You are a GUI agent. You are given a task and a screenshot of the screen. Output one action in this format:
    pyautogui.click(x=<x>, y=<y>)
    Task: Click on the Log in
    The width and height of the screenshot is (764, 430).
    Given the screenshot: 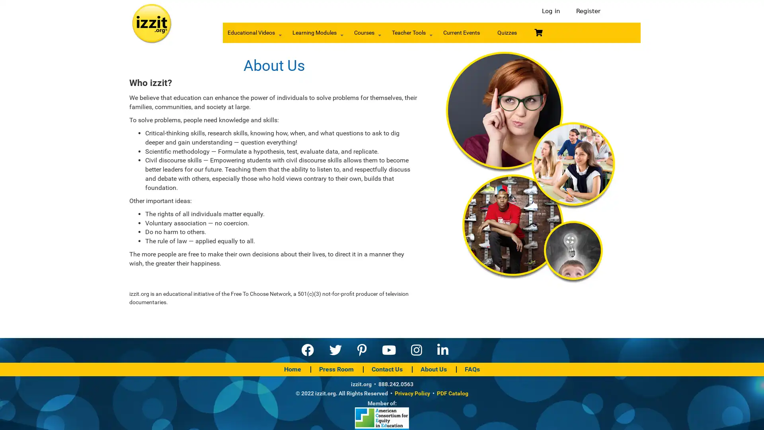 What is the action you would take?
    pyautogui.click(x=551, y=11)
    